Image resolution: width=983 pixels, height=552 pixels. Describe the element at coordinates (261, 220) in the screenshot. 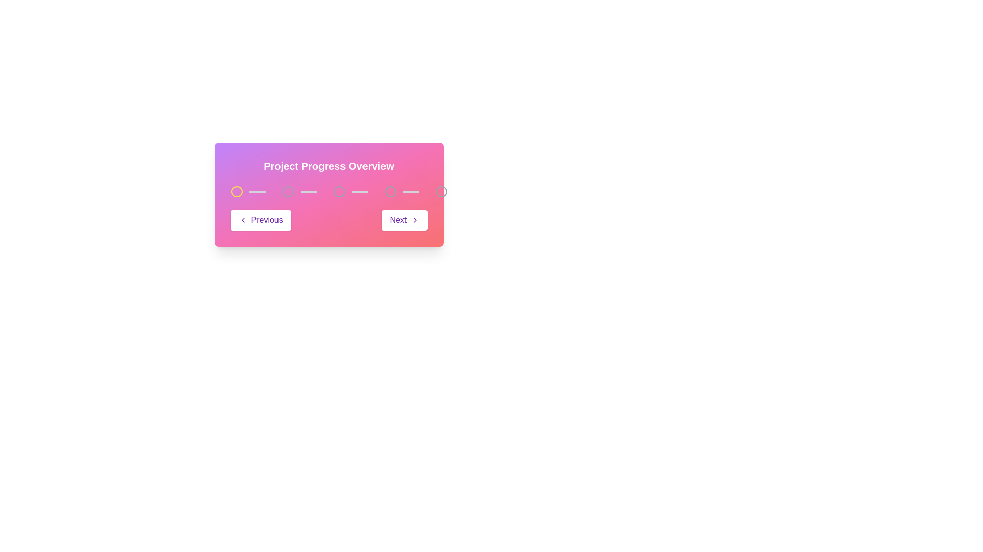

I see `the 'Previous' button, which is a rectangular button styled in white with a purple border and contains a leftward arrow icon followed by the text 'Previous' in bold purple text` at that location.